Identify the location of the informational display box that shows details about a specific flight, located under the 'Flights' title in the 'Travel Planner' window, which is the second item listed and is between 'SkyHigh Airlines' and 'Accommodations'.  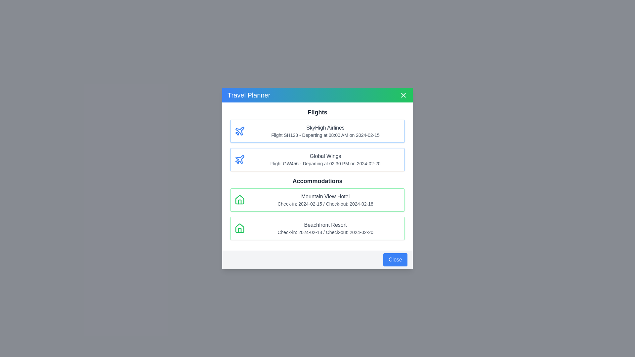
(317, 159).